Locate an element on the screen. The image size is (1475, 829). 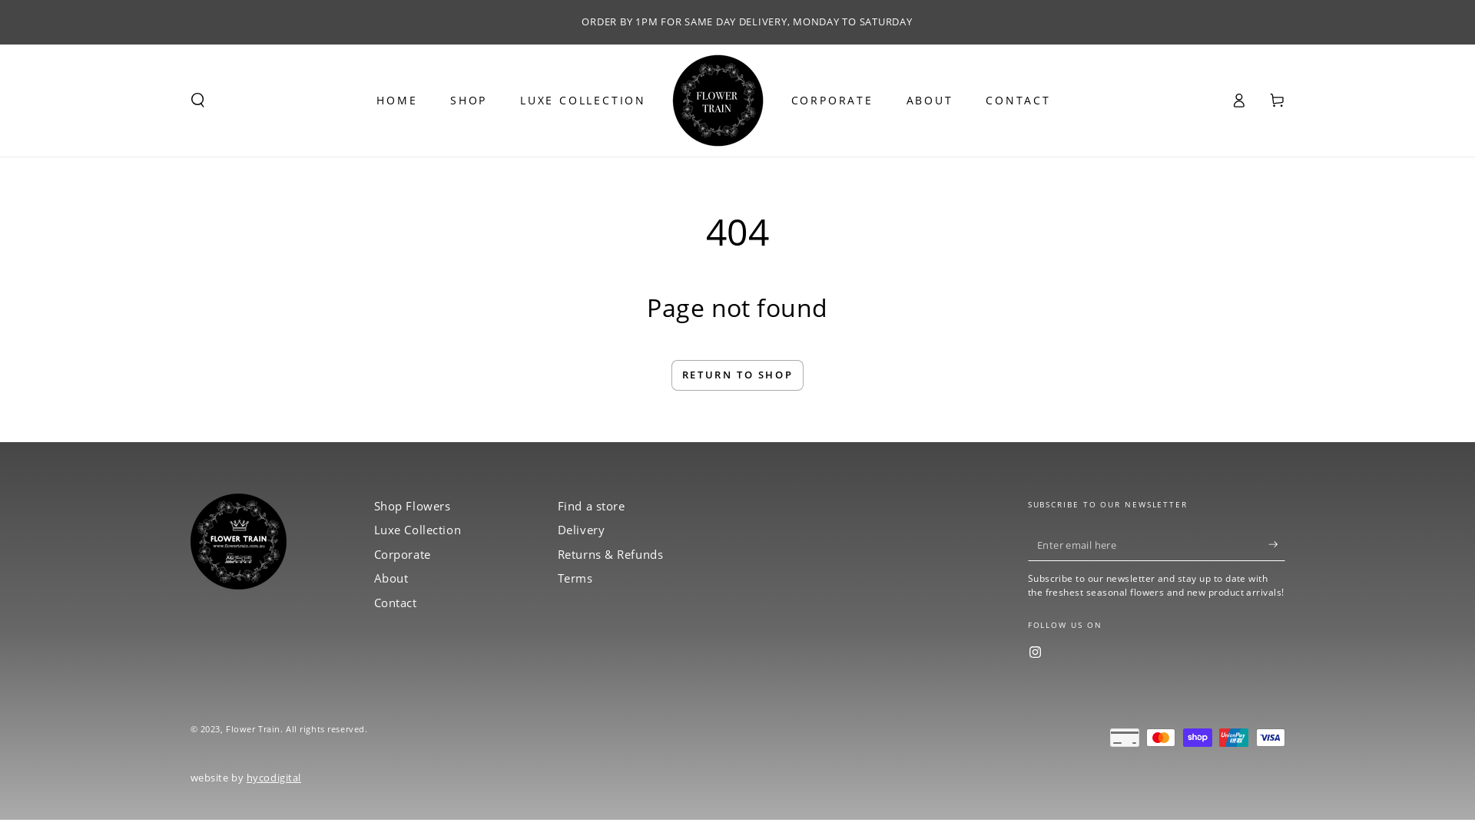
'Find a store' is located at coordinates (590, 506).